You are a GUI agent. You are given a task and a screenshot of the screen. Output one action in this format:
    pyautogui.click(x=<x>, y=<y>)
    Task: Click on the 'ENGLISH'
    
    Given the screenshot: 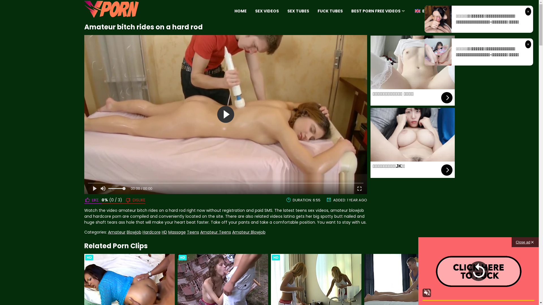 What is the action you would take?
    pyautogui.click(x=414, y=11)
    